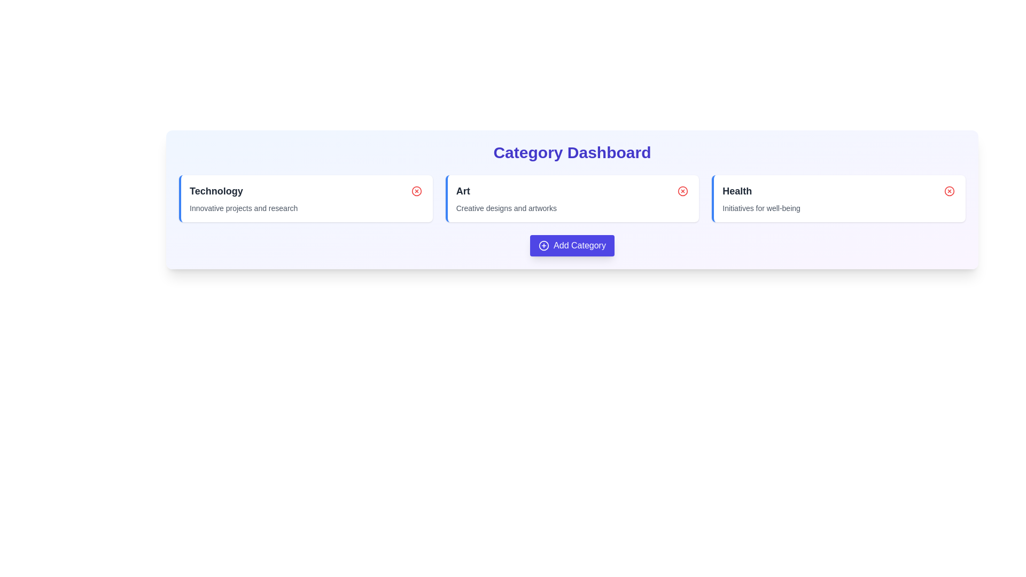 This screenshot has height=577, width=1026. Describe the element at coordinates (543, 245) in the screenshot. I see `the plus icon enclosed within a circle, which is part of the 'Add Category' button located centrally at the bottom of the interface` at that location.